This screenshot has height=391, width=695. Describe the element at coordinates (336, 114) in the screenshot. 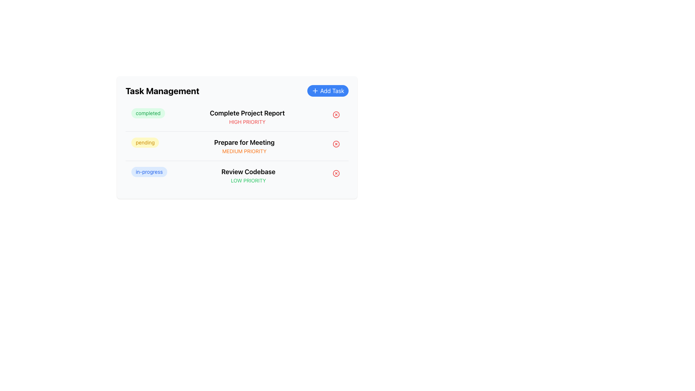

I see `the first circular indicator next to the task title 'Complete Project Report' which serves as a status icon` at that location.